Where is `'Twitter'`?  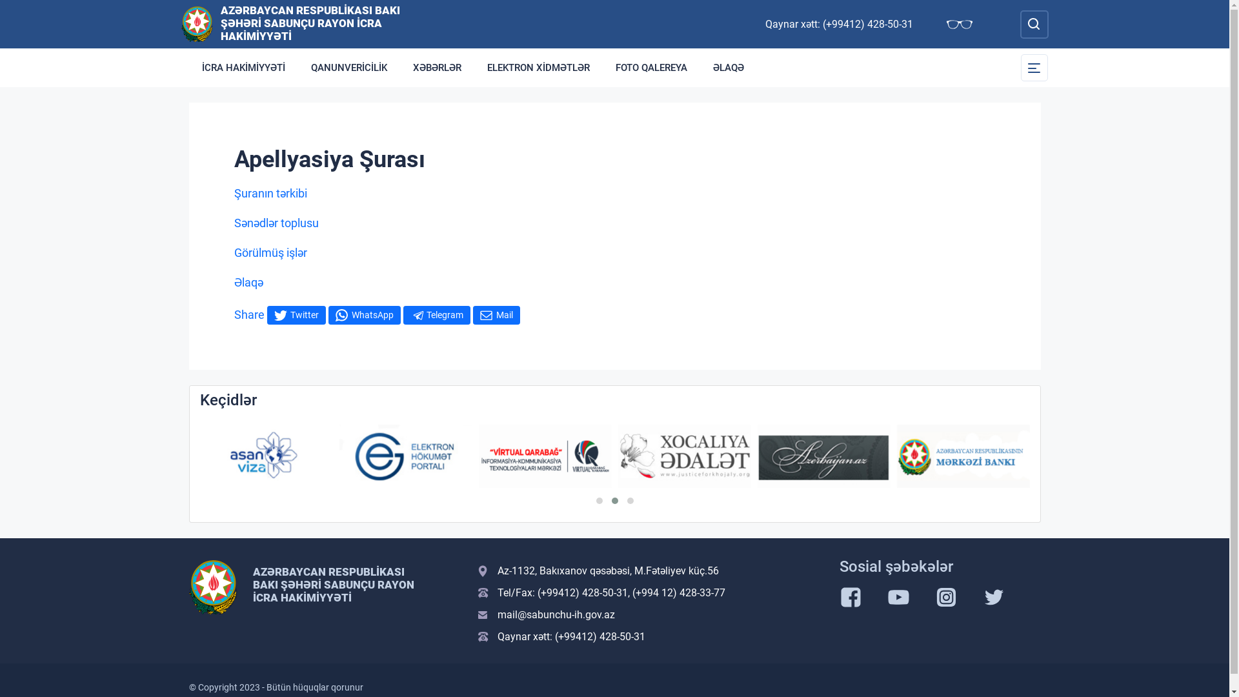
'Twitter' is located at coordinates (296, 315).